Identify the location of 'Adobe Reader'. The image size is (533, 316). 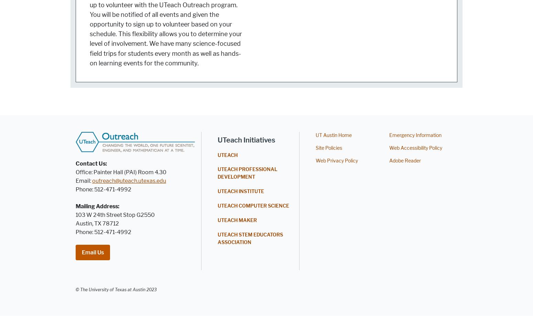
(405, 160).